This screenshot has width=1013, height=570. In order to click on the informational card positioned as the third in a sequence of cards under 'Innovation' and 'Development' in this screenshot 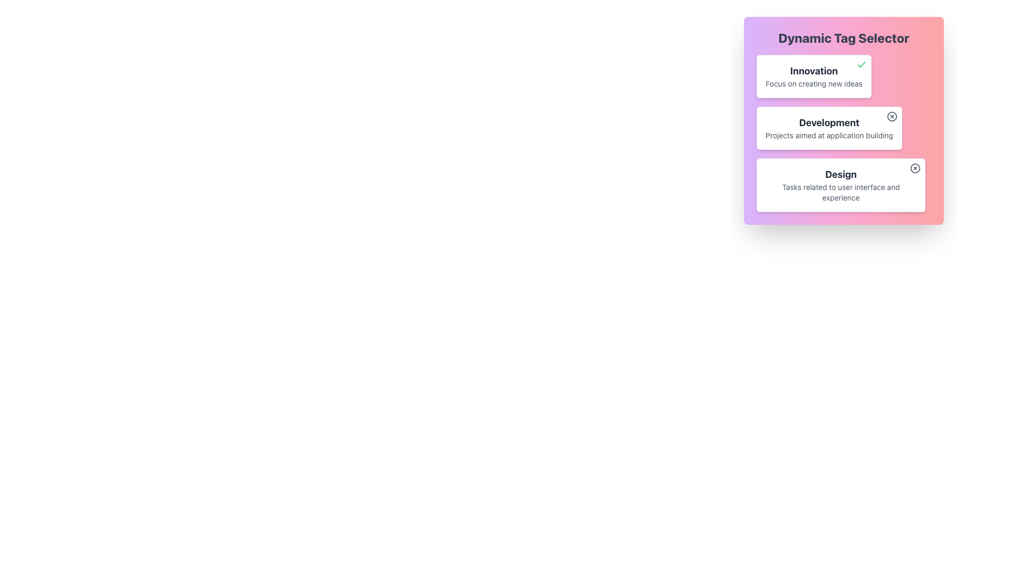, I will do `click(840, 185)`.